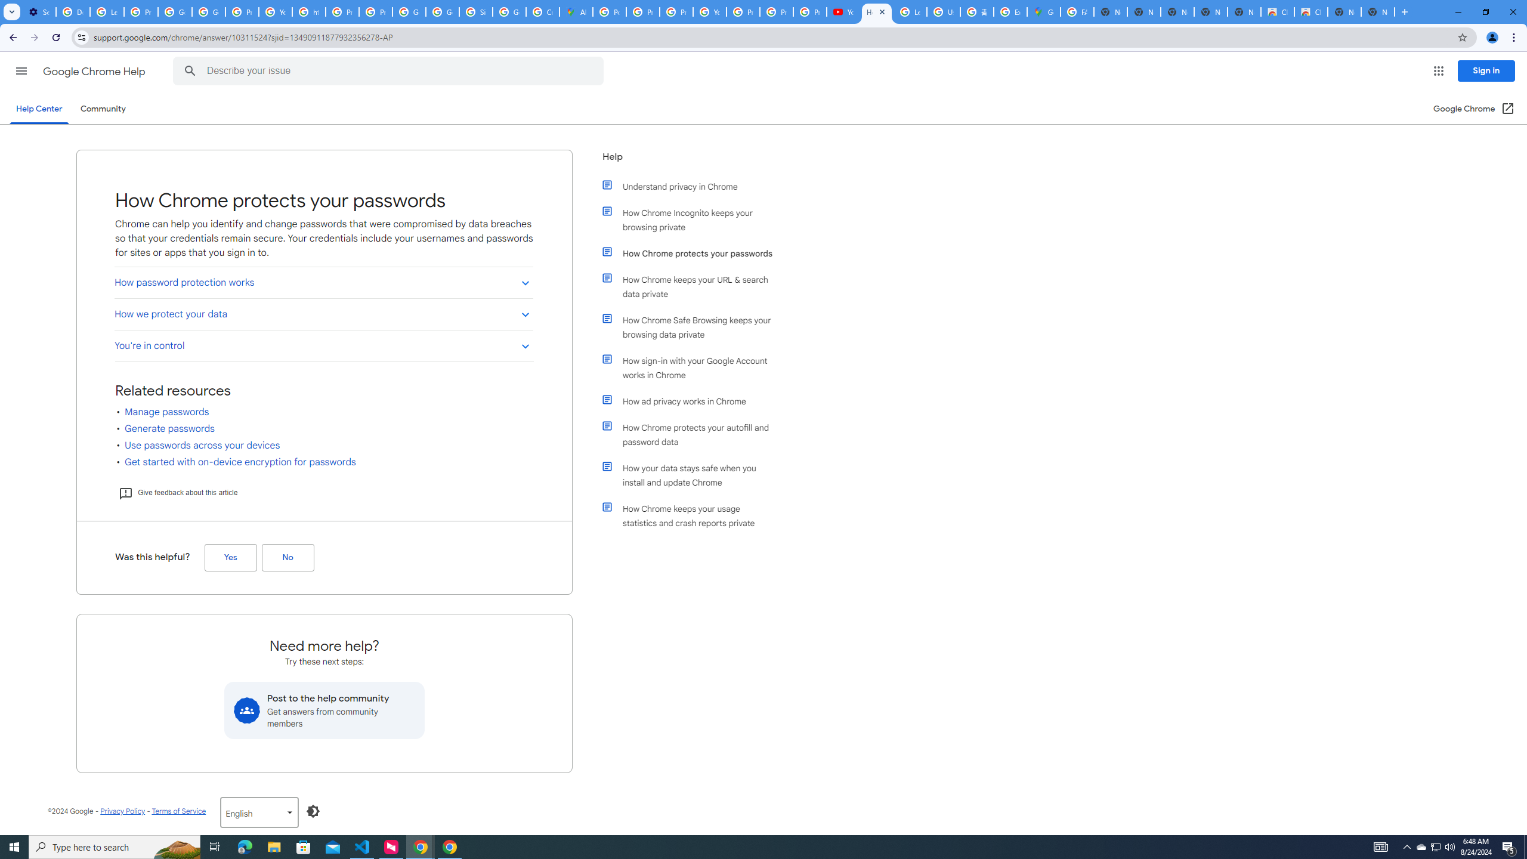 This screenshot has width=1527, height=859. What do you see at coordinates (167, 412) in the screenshot?
I see `'Manage passwords'` at bounding box center [167, 412].